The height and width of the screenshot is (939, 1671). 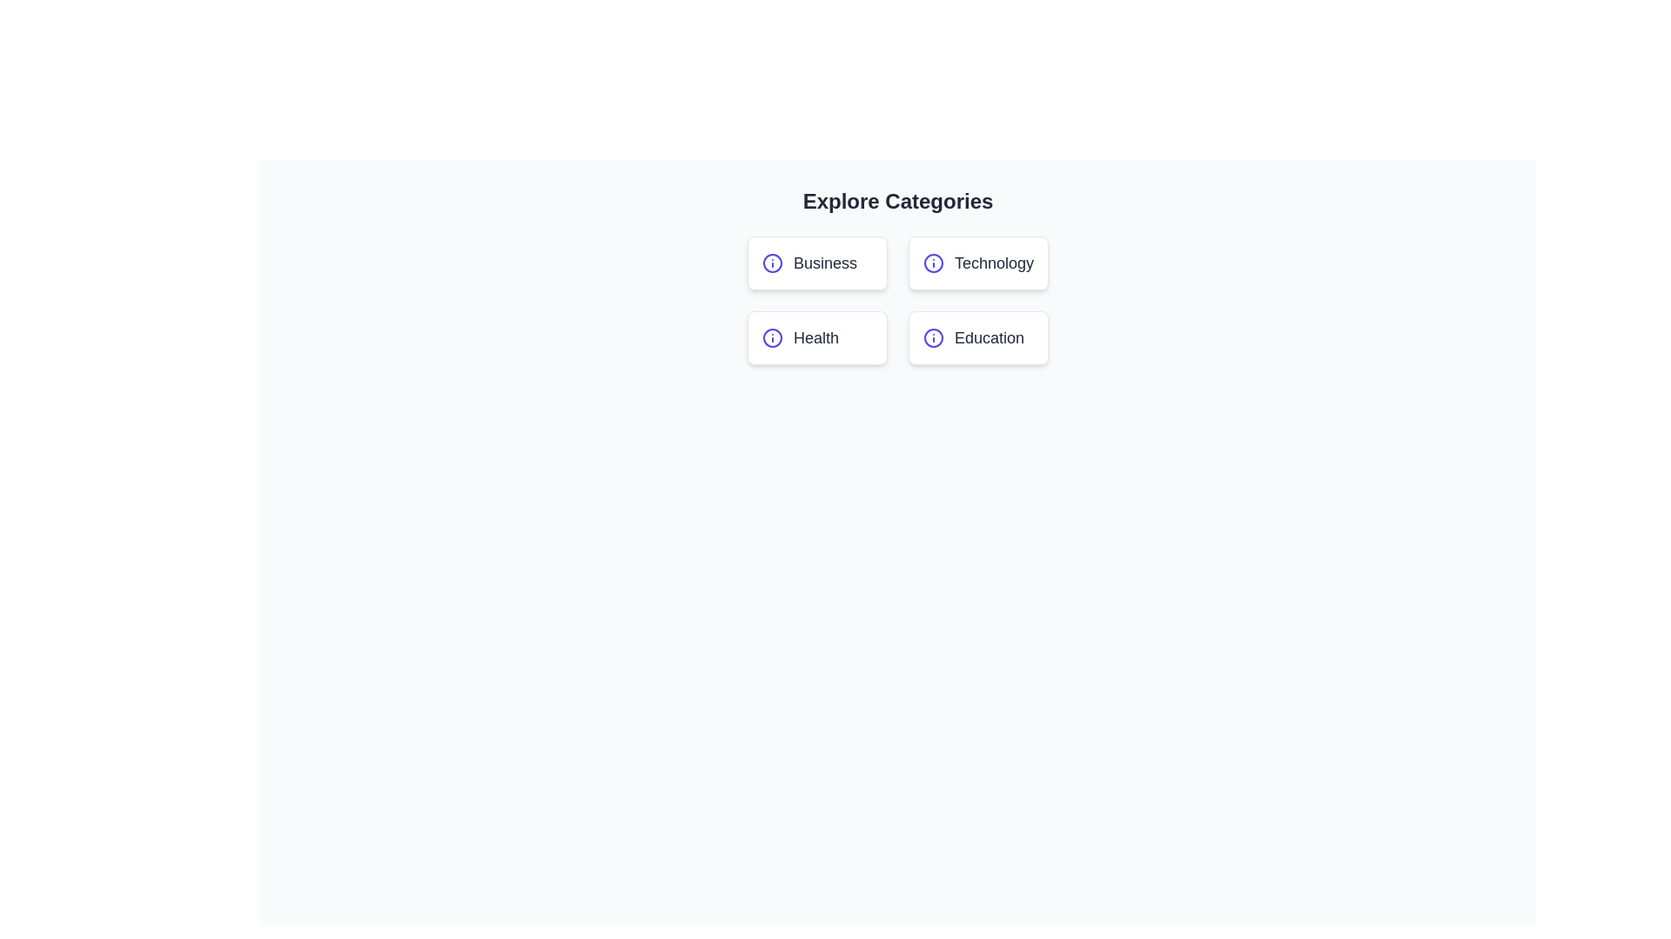 What do you see at coordinates (933, 263) in the screenshot?
I see `the 'Technology' category icon in the 'Explore Categories' section grid, located on the right of the second row from the top` at bounding box center [933, 263].